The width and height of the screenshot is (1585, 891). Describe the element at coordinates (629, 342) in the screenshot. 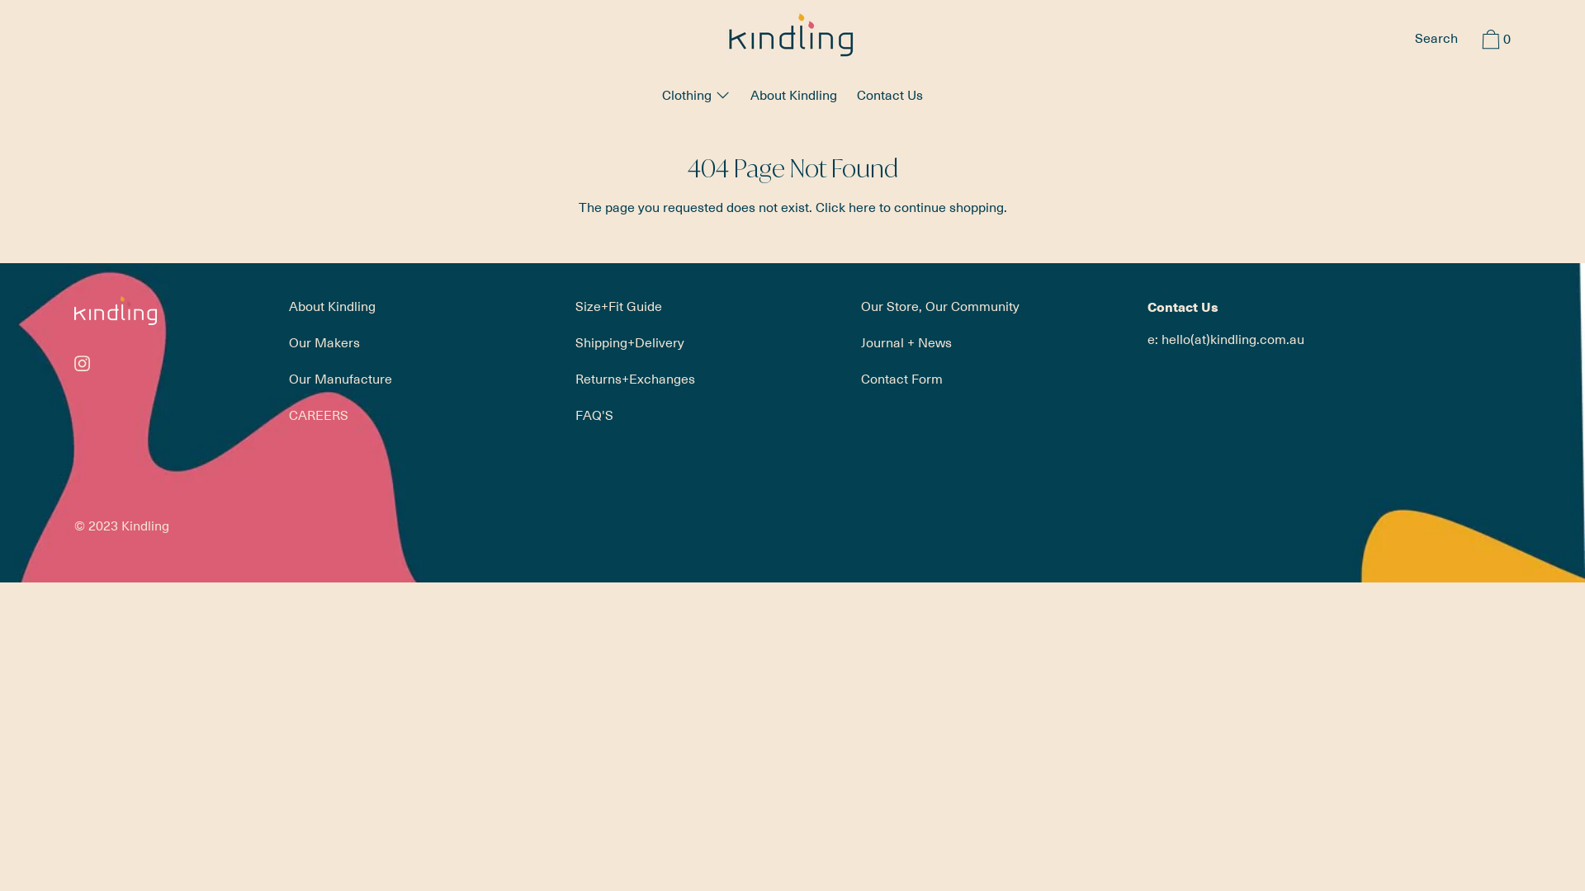

I see `'Shipping+Delivery'` at that location.